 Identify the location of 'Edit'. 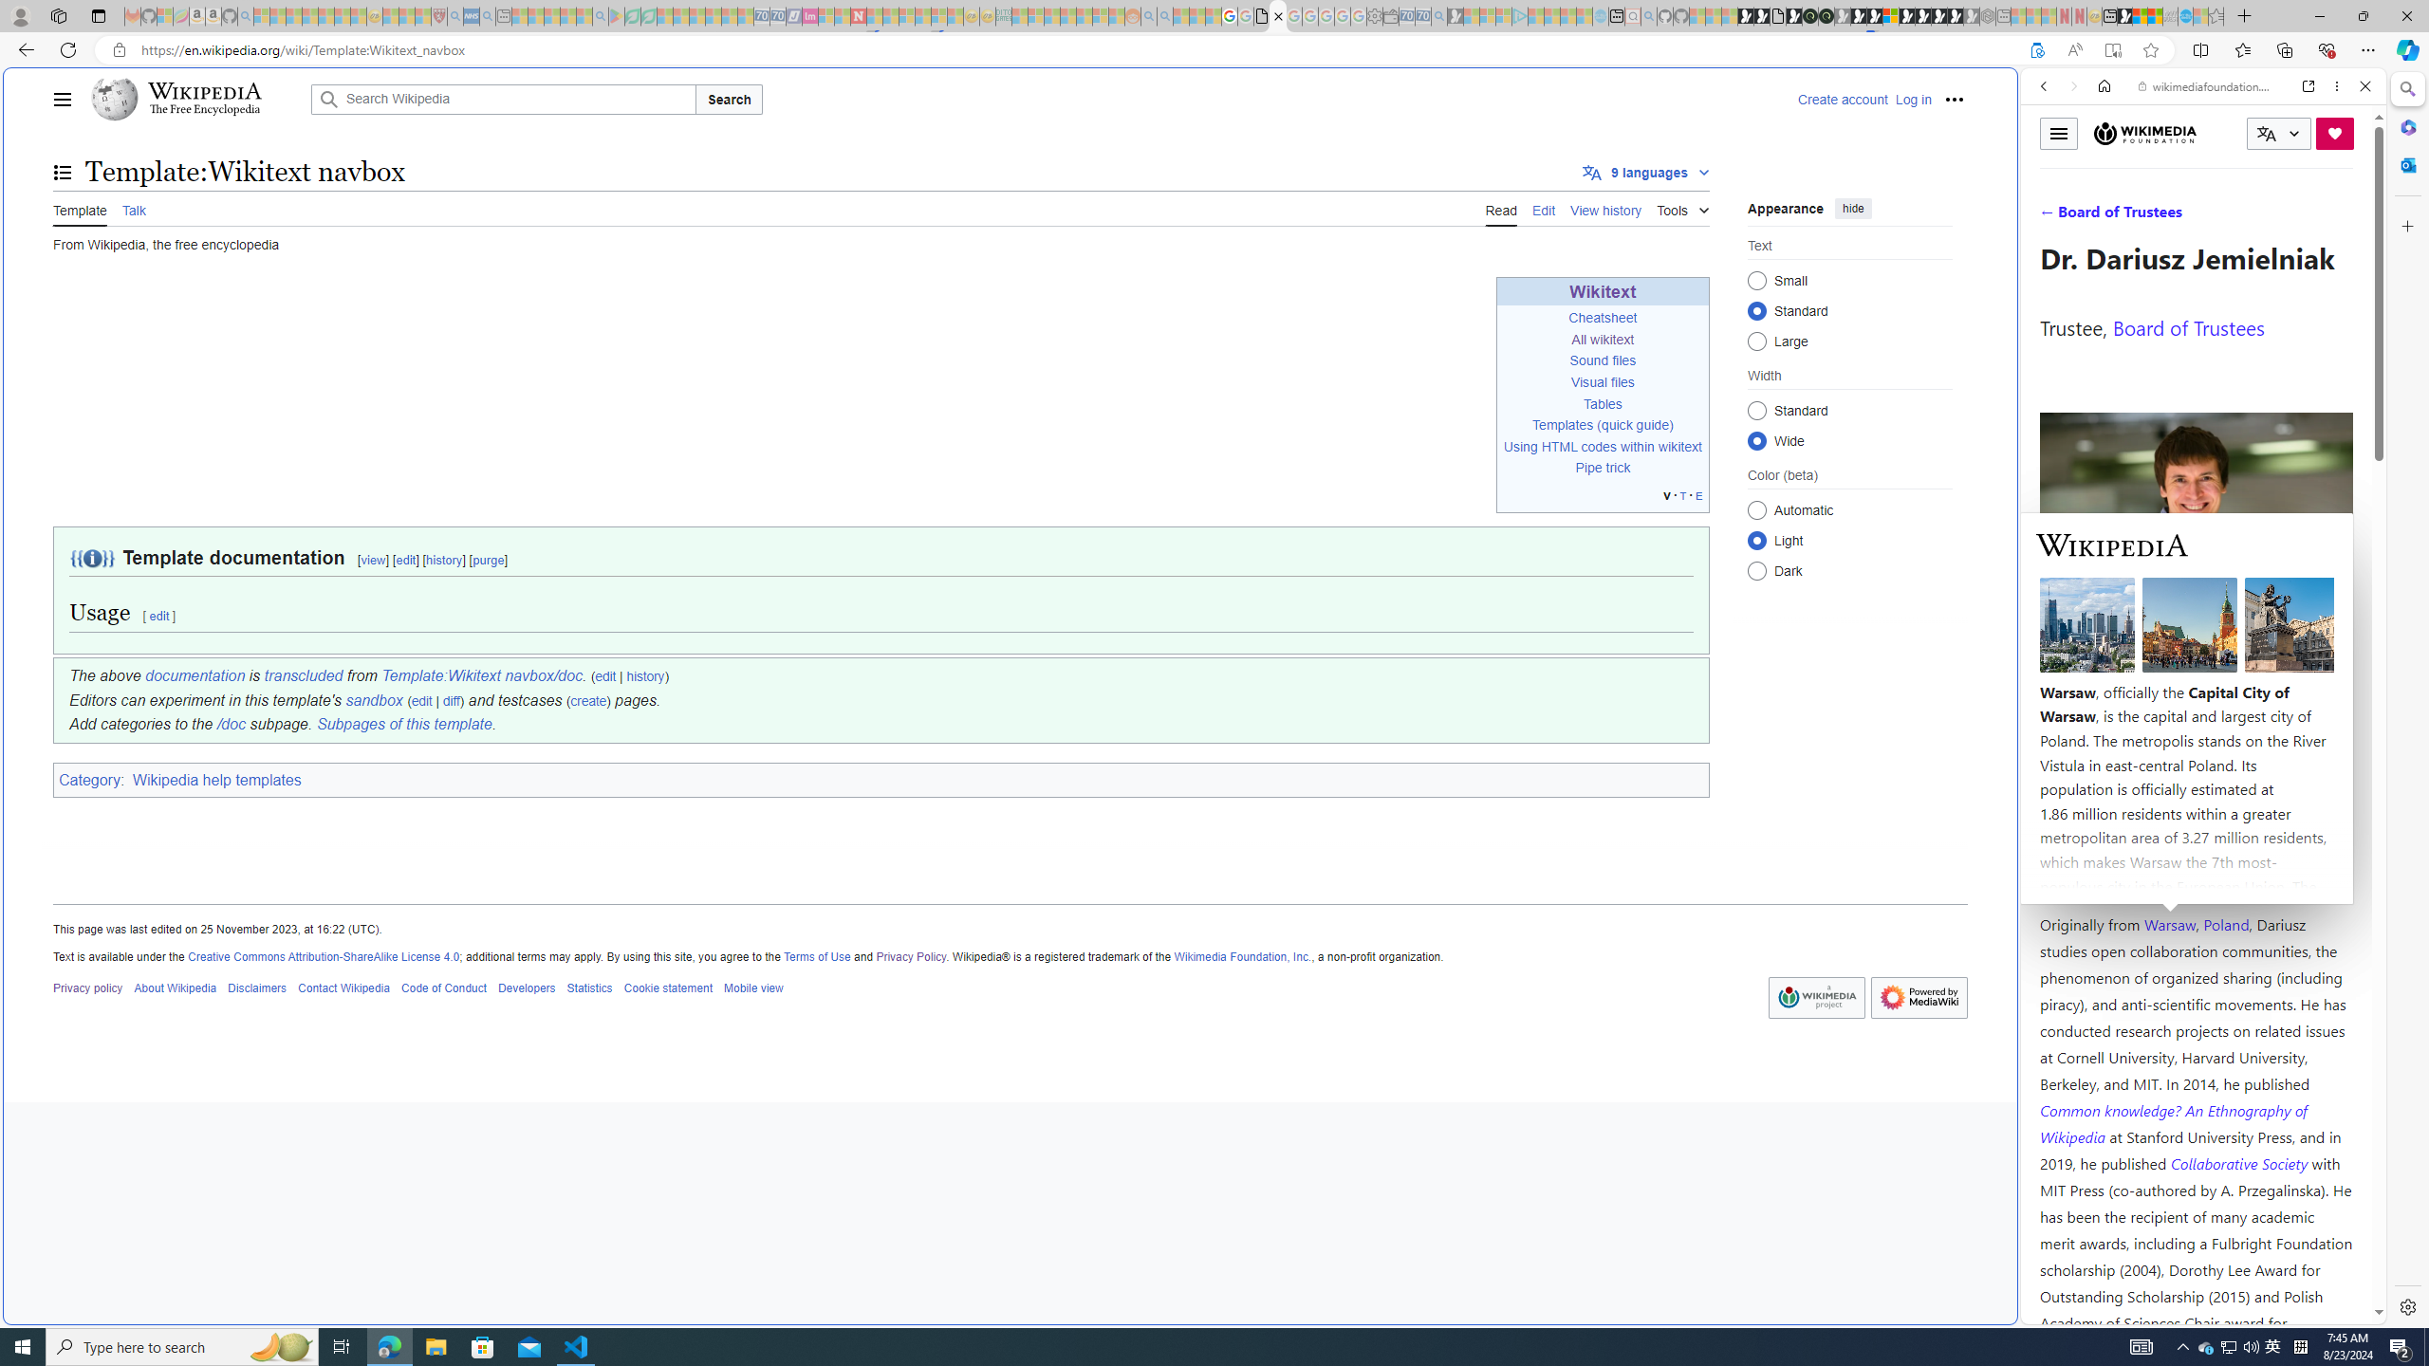
(1543, 208).